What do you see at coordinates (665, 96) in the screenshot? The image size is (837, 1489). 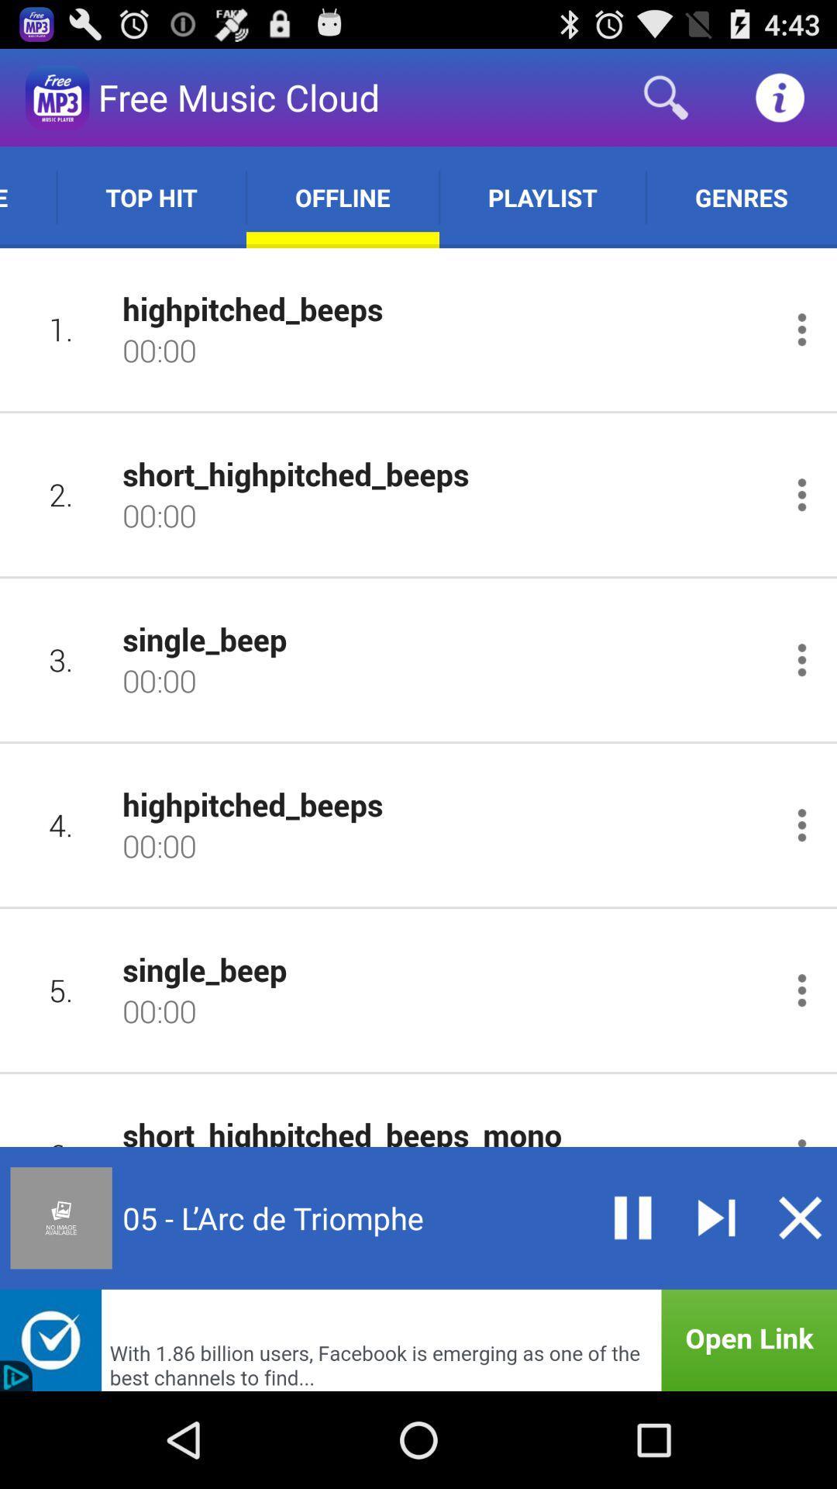 I see `item above the playlist icon` at bounding box center [665, 96].